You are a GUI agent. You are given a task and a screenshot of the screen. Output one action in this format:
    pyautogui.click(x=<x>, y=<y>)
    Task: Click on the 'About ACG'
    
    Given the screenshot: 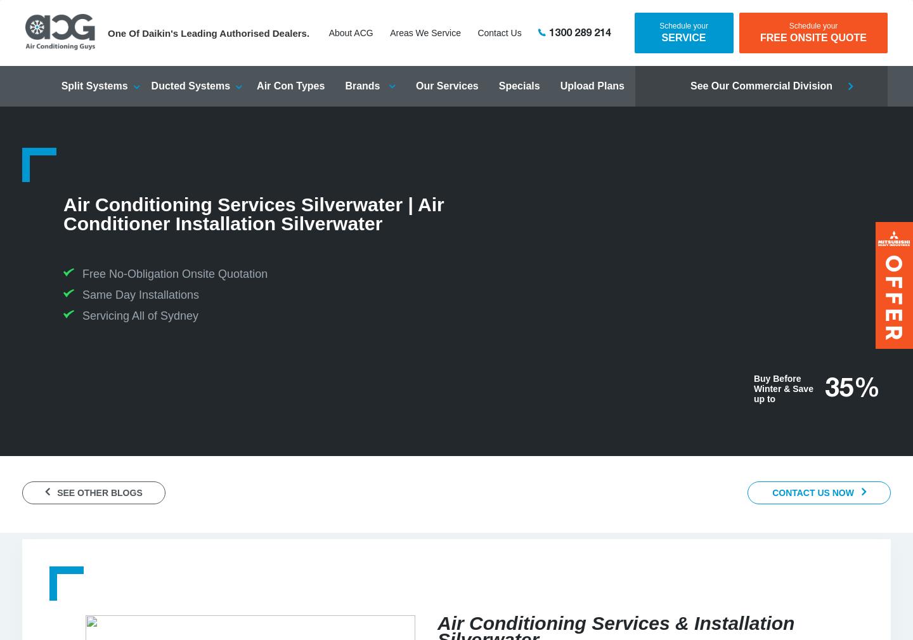 What is the action you would take?
    pyautogui.click(x=350, y=32)
    